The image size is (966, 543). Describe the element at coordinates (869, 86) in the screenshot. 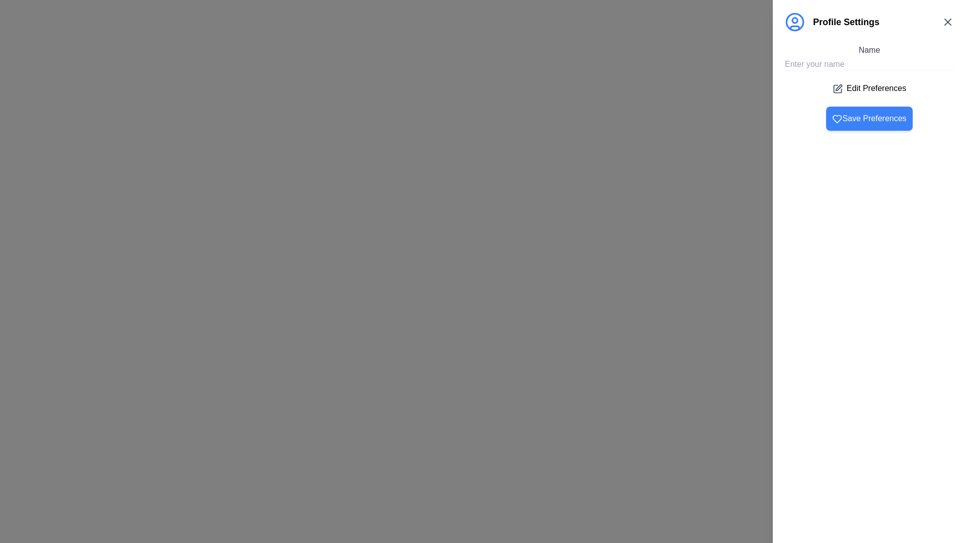

I see `the 'Edit Preferences' button located in the 'Profile Settings' sidebar panel to modify user preferences` at that location.